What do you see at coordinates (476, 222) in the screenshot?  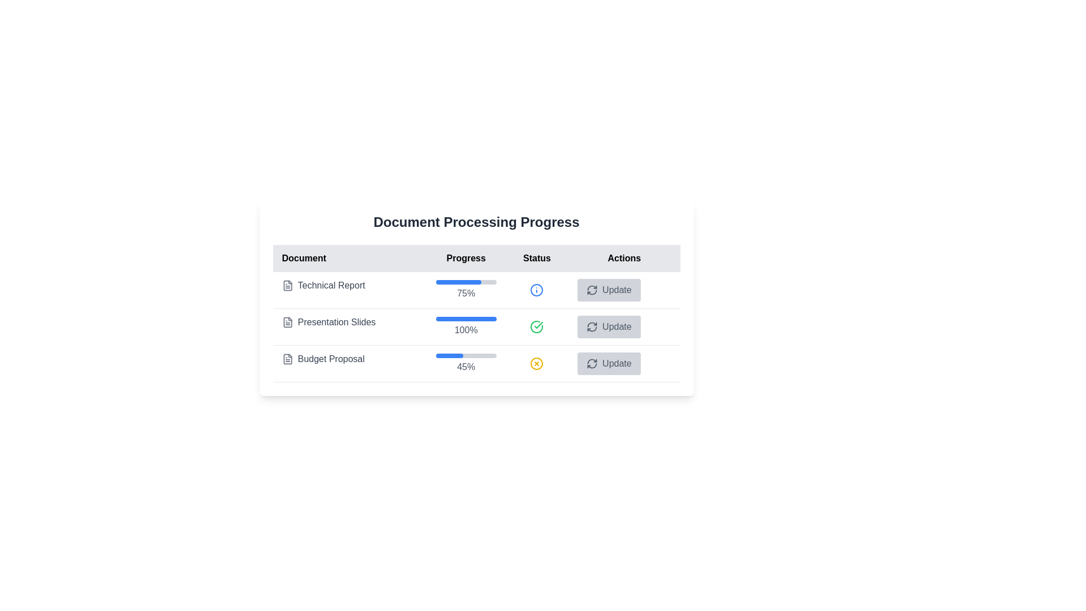 I see `the prominent text header labeled 'Document Processing Progress', which is styled in bold and large dark gray font, located at the upper center of the component` at bounding box center [476, 222].